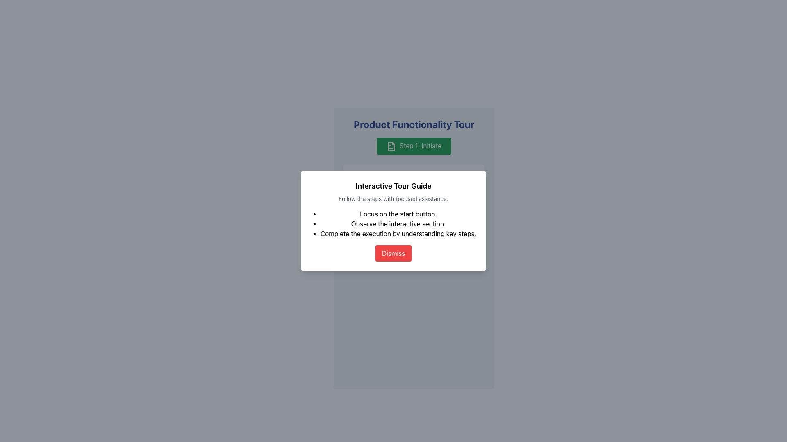 The image size is (787, 442). What do you see at coordinates (398, 233) in the screenshot?
I see `the third bulleted text item that reads 'Complete the execution by understanding key steps.' in the centered modal dialog` at bounding box center [398, 233].